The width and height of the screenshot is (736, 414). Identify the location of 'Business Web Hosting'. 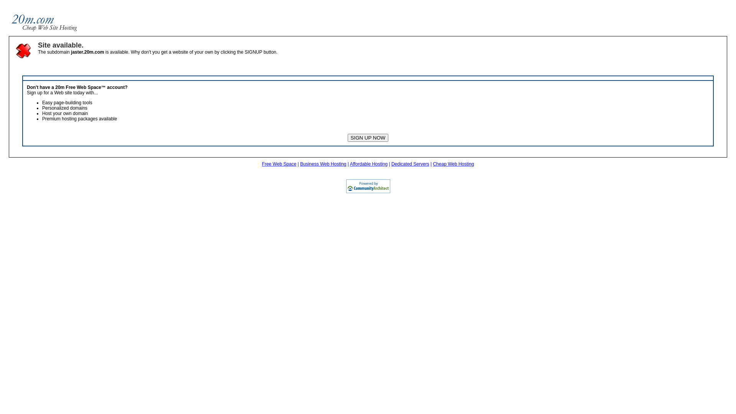
(323, 164).